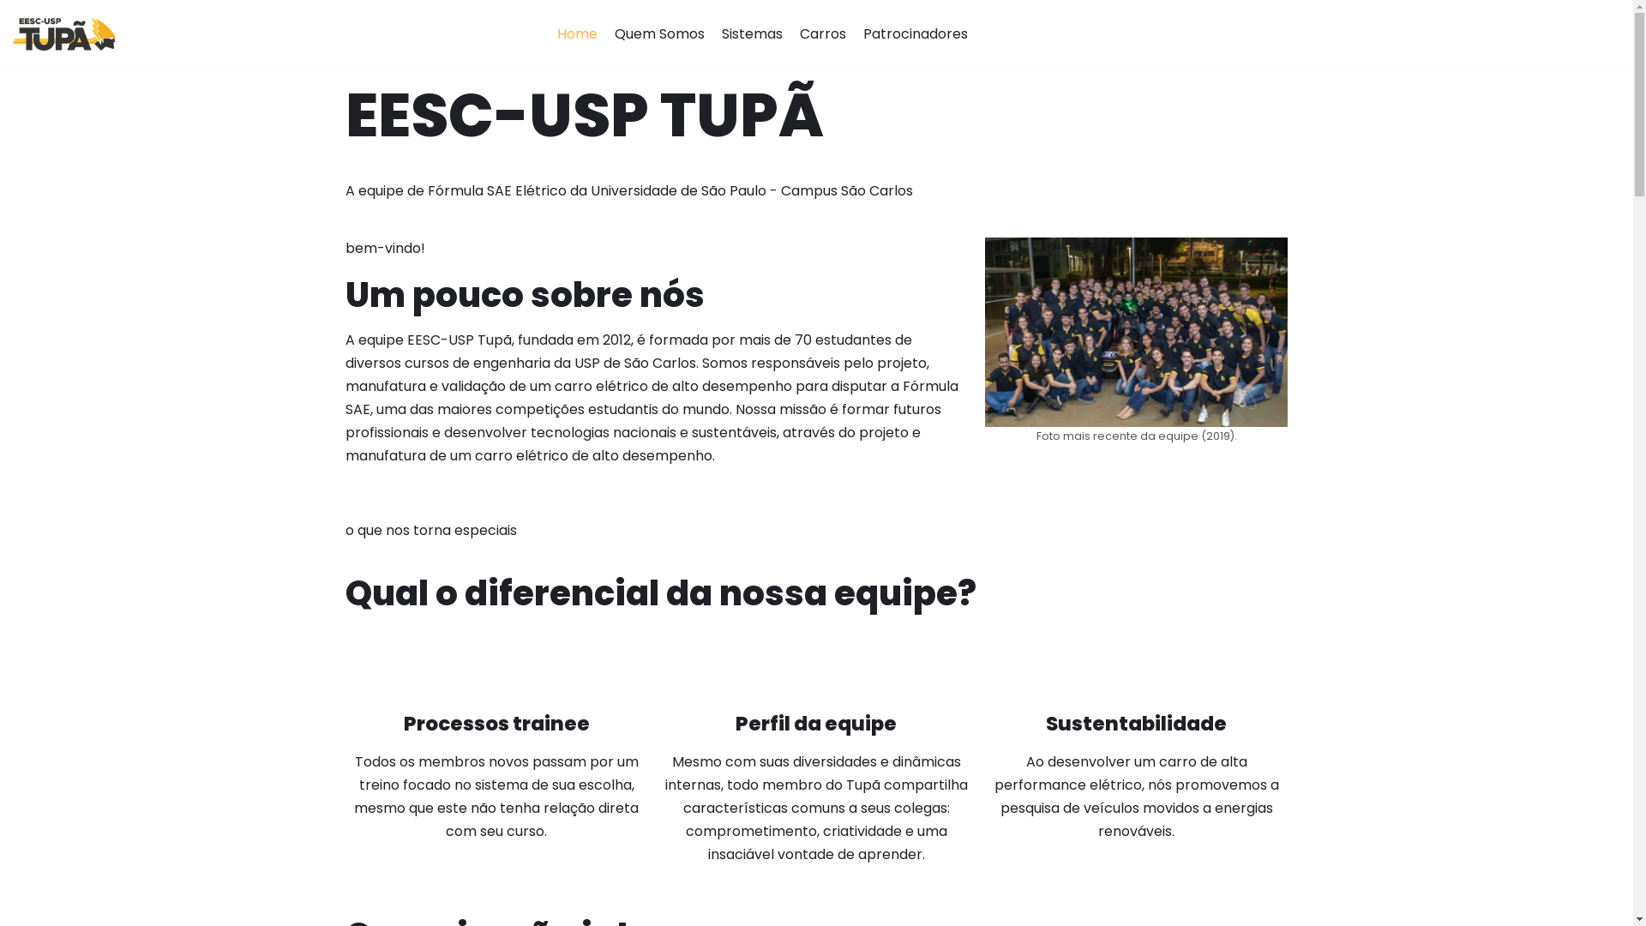  I want to click on 'Sistemas', so click(752, 33).